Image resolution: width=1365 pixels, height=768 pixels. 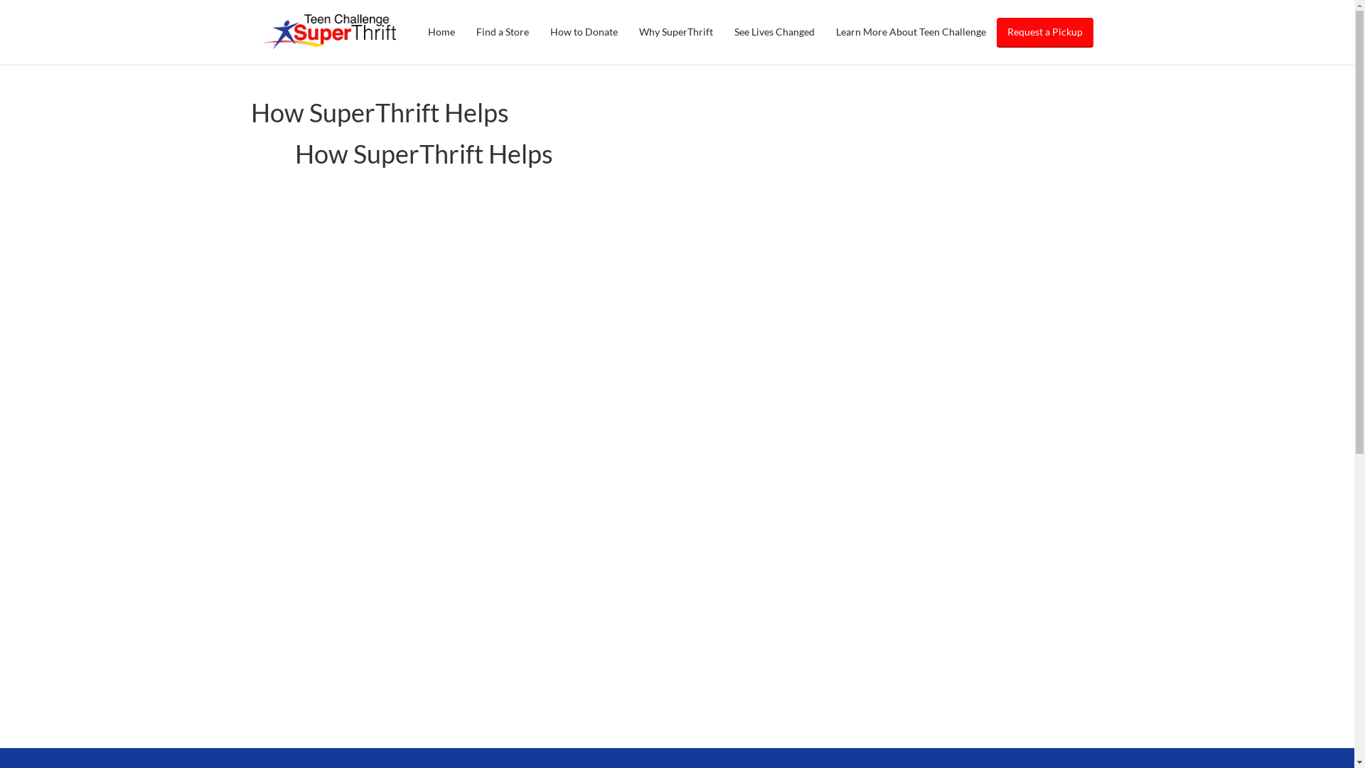 What do you see at coordinates (583, 32) in the screenshot?
I see `'How to Donate'` at bounding box center [583, 32].